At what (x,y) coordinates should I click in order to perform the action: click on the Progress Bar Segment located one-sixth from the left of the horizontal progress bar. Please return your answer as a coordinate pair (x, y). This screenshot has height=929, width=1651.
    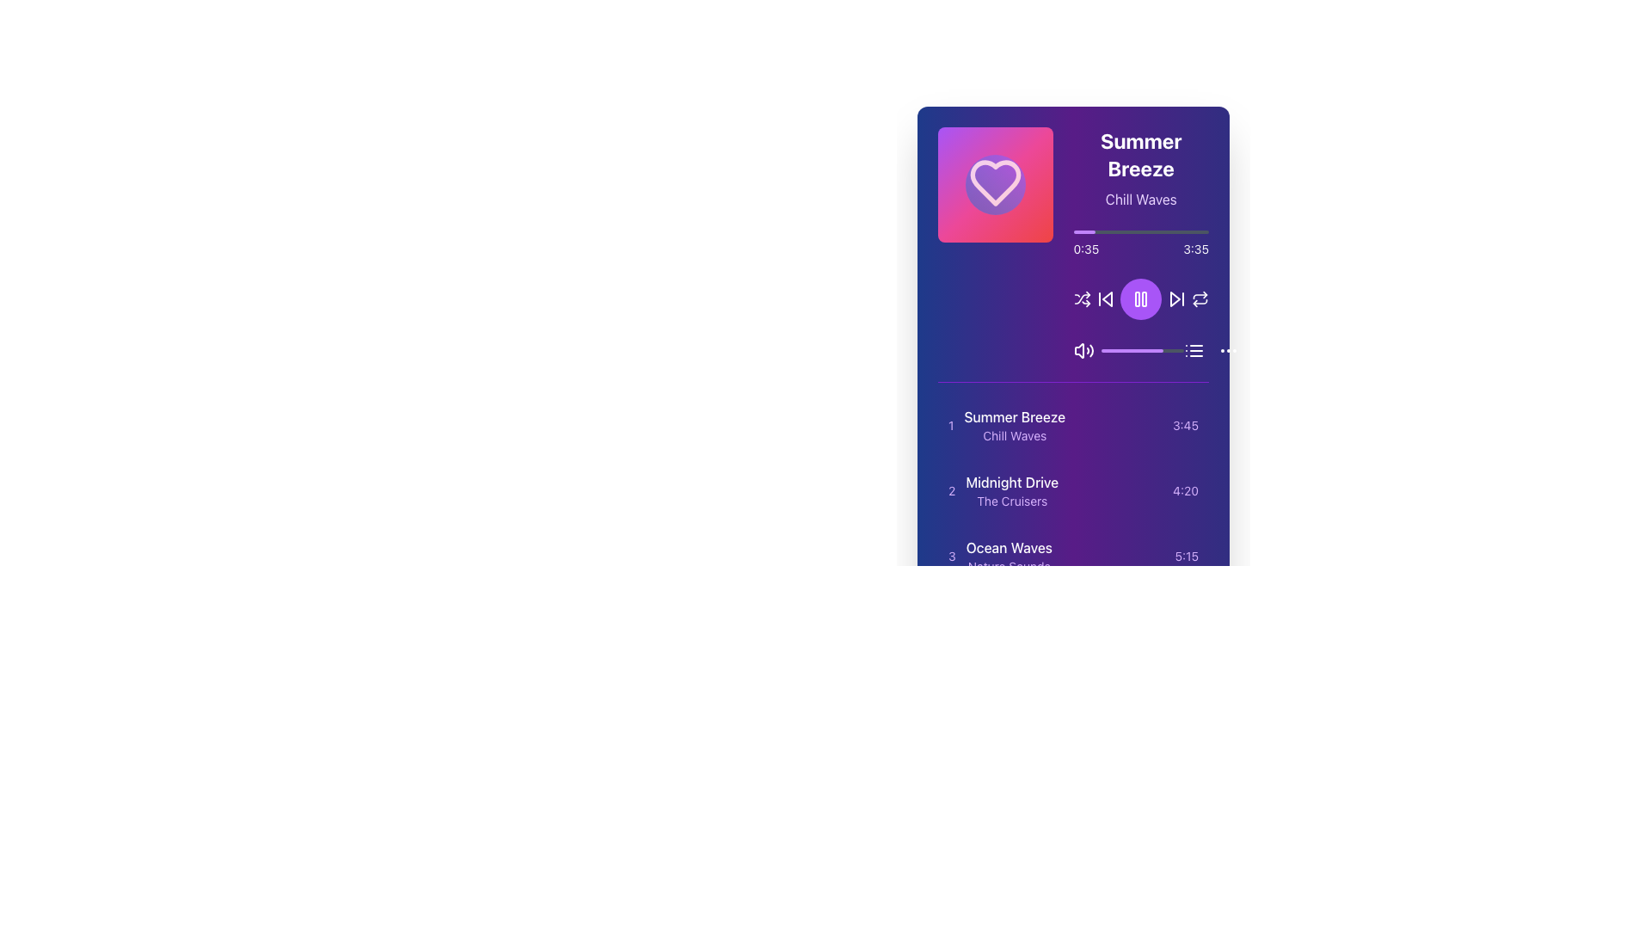
    Looking at the image, I should click on (1083, 232).